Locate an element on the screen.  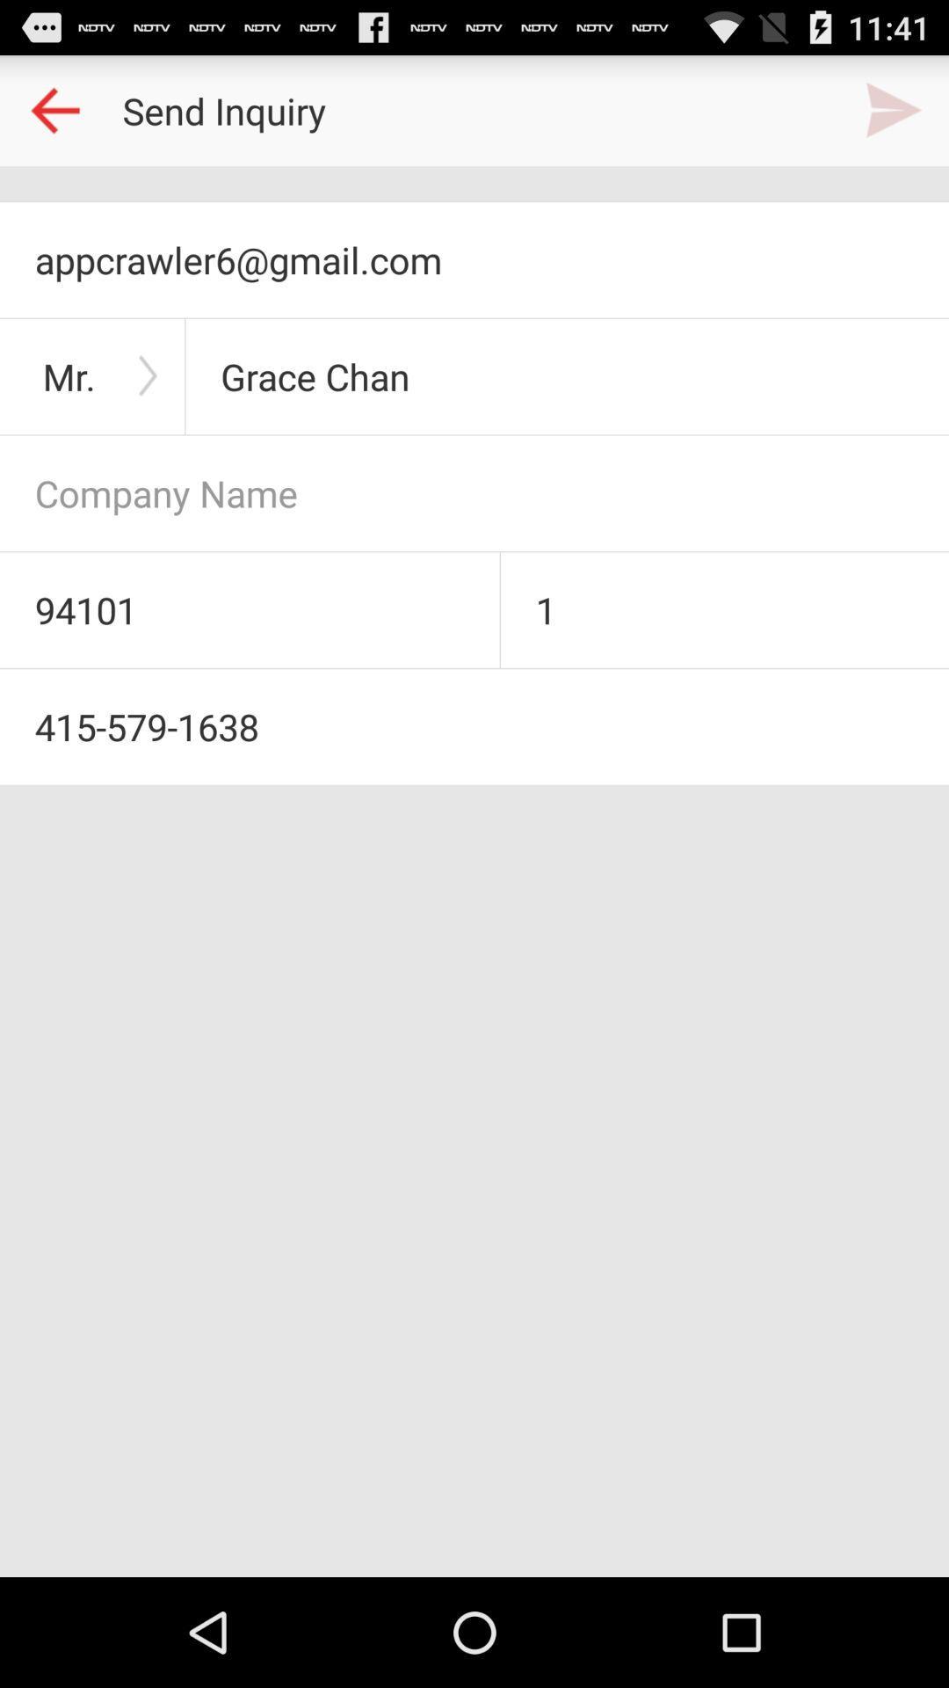
go back is located at coordinates (54, 109).